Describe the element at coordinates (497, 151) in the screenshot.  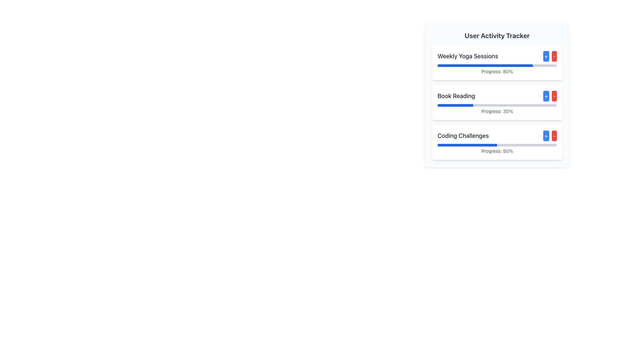
I see `the Text Label that provides progress status feedback located at the bottom center of the 'Coding Challenges' card` at that location.